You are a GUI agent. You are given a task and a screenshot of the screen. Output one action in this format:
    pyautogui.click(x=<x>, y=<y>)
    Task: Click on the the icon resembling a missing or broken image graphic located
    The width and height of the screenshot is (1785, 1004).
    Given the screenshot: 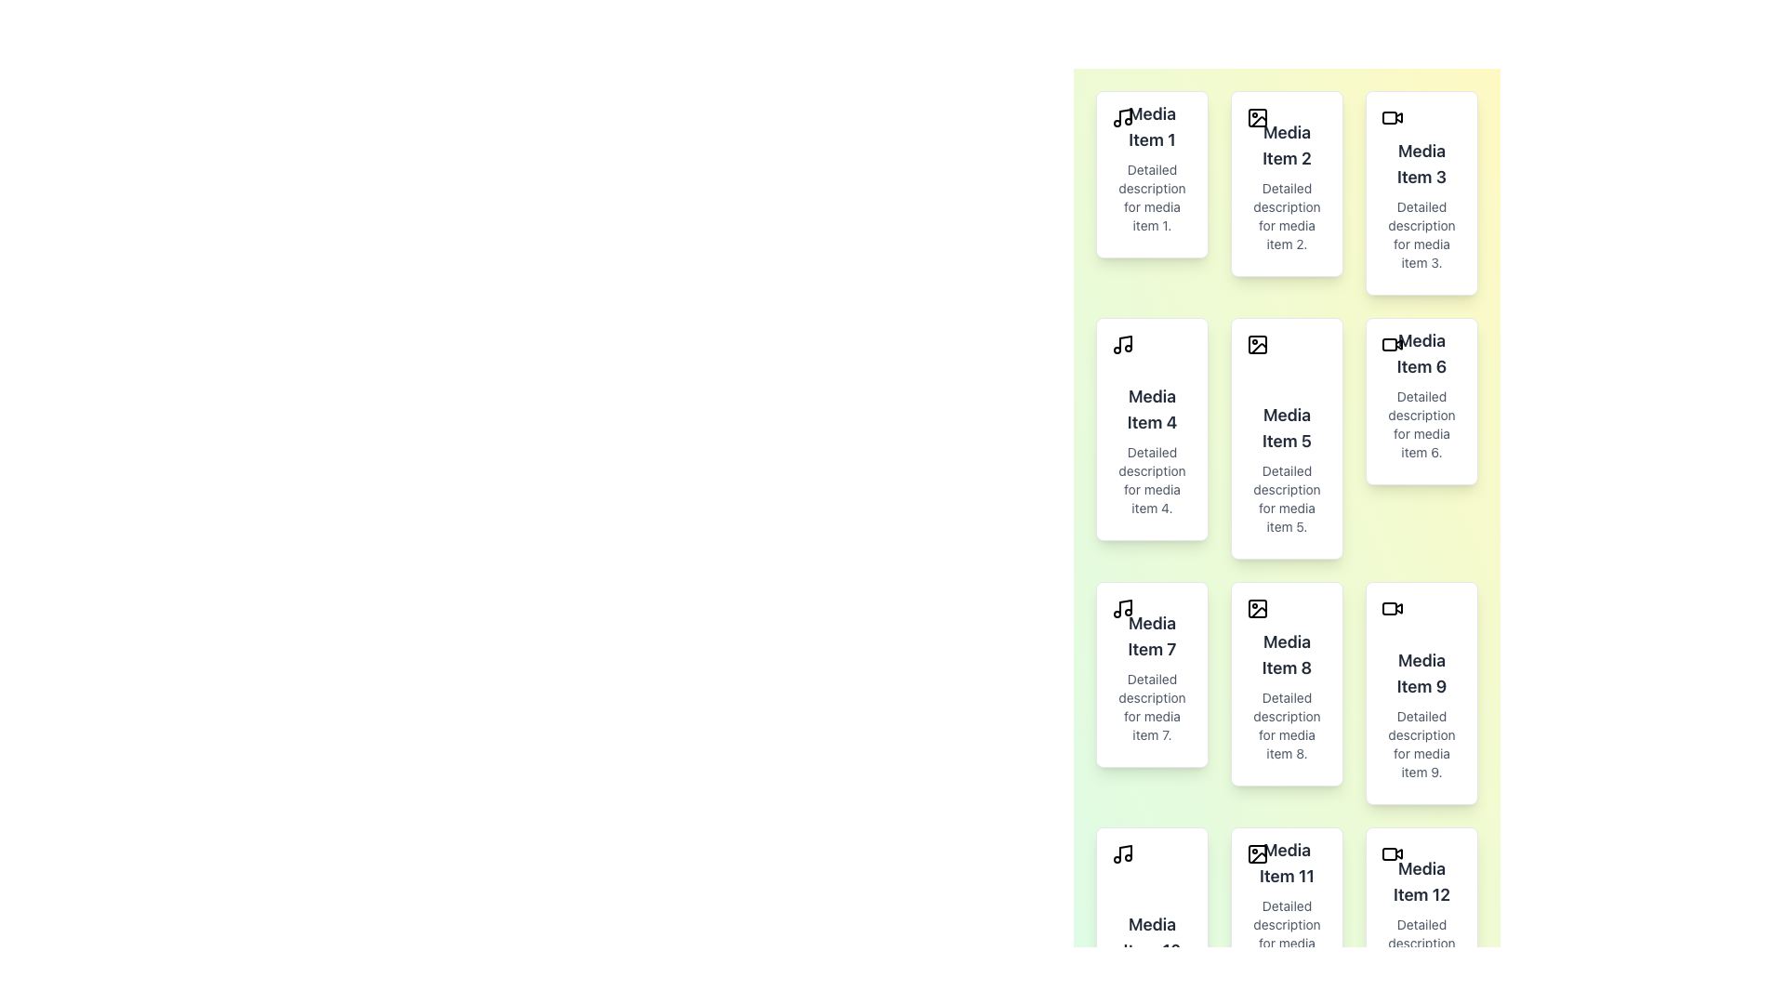 What is the action you would take?
    pyautogui.click(x=1258, y=609)
    